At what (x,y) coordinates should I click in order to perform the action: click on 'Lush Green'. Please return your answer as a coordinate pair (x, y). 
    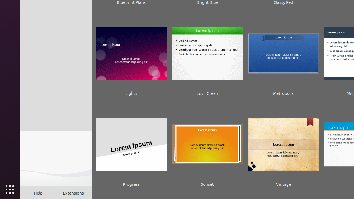
    Looking at the image, I should click on (207, 57).